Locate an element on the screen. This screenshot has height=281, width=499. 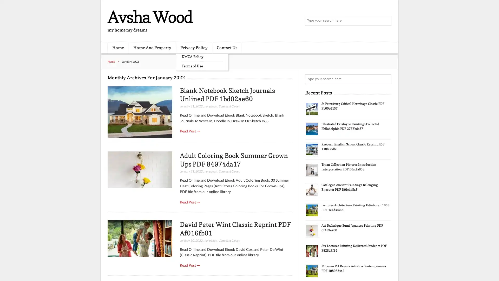
Search is located at coordinates (386, 79).